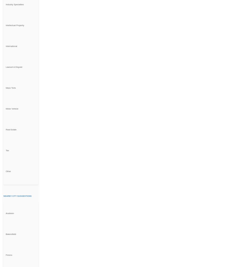 This screenshot has height=267, width=231. I want to click on 'Other', so click(8, 171).